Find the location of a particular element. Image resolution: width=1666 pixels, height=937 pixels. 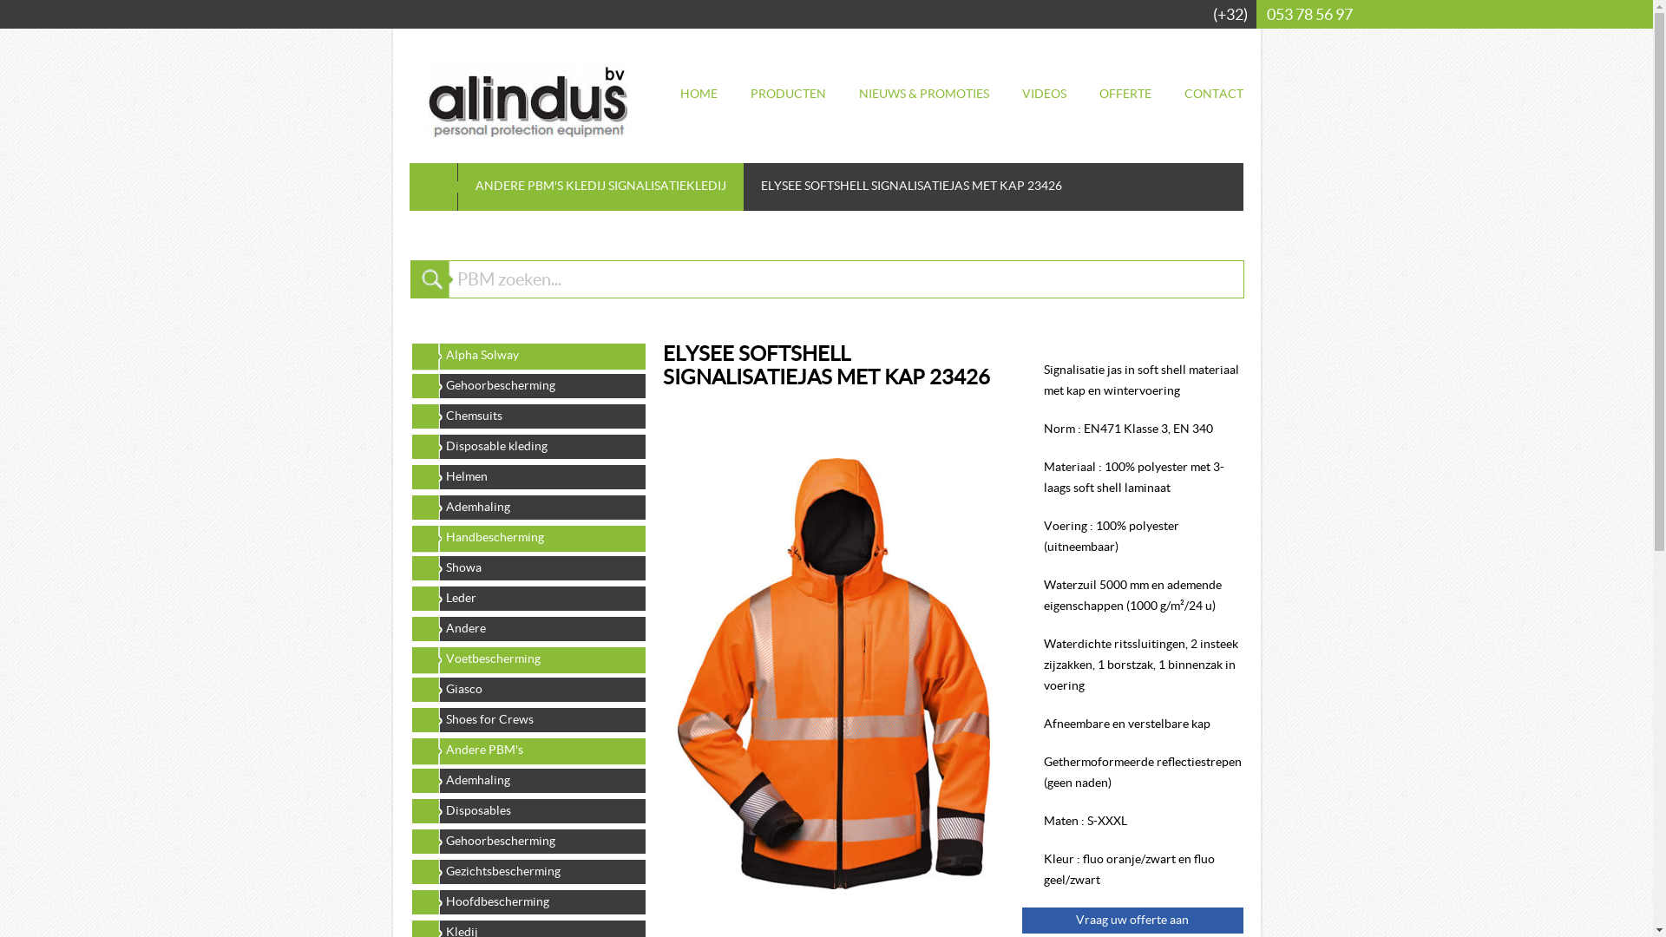

'Chemsuits' is located at coordinates (526, 415).